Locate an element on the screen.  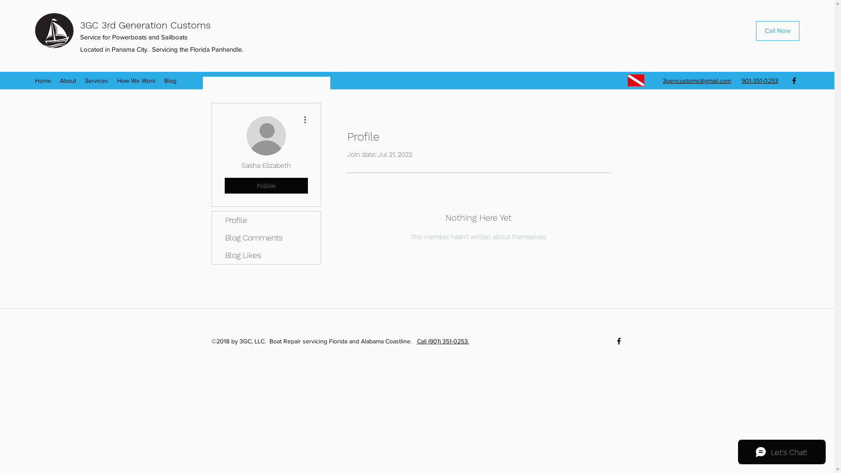
'Blog Likes' is located at coordinates (266, 255).